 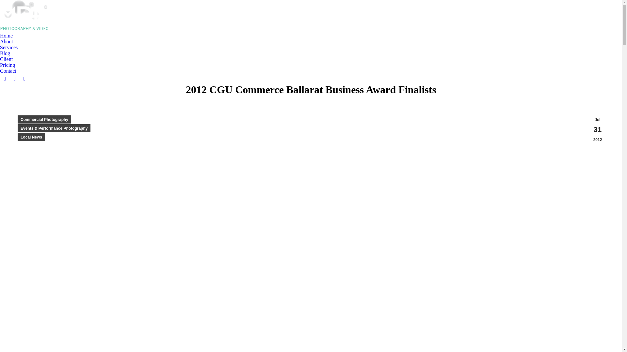 What do you see at coordinates (10, 47) in the screenshot?
I see `'Services'` at bounding box center [10, 47].